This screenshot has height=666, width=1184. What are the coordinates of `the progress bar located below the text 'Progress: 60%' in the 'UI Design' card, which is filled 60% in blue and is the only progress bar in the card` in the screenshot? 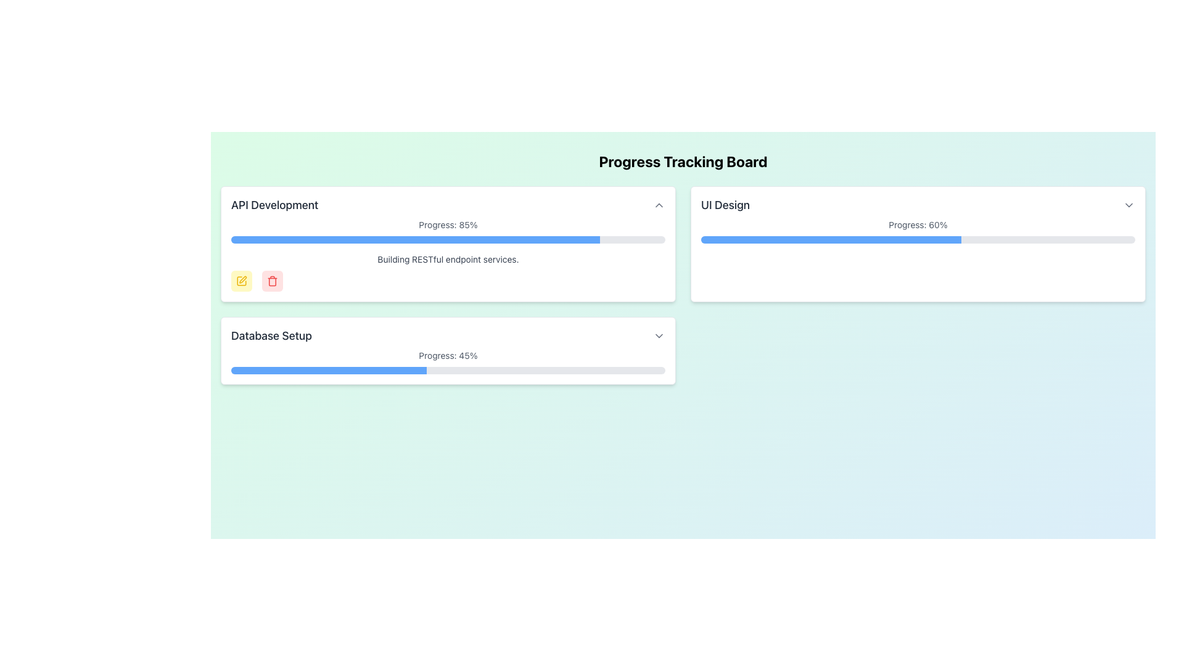 It's located at (918, 240).